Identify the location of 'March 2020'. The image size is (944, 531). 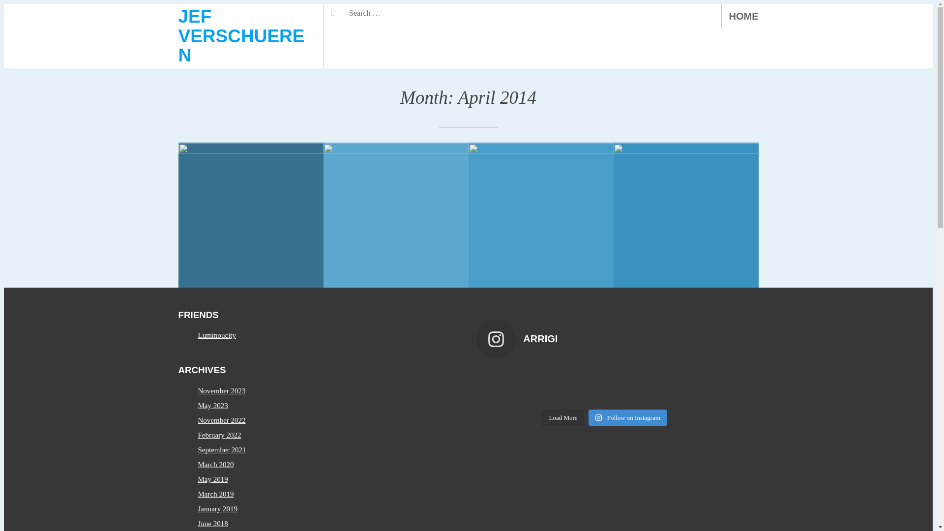
(215, 465).